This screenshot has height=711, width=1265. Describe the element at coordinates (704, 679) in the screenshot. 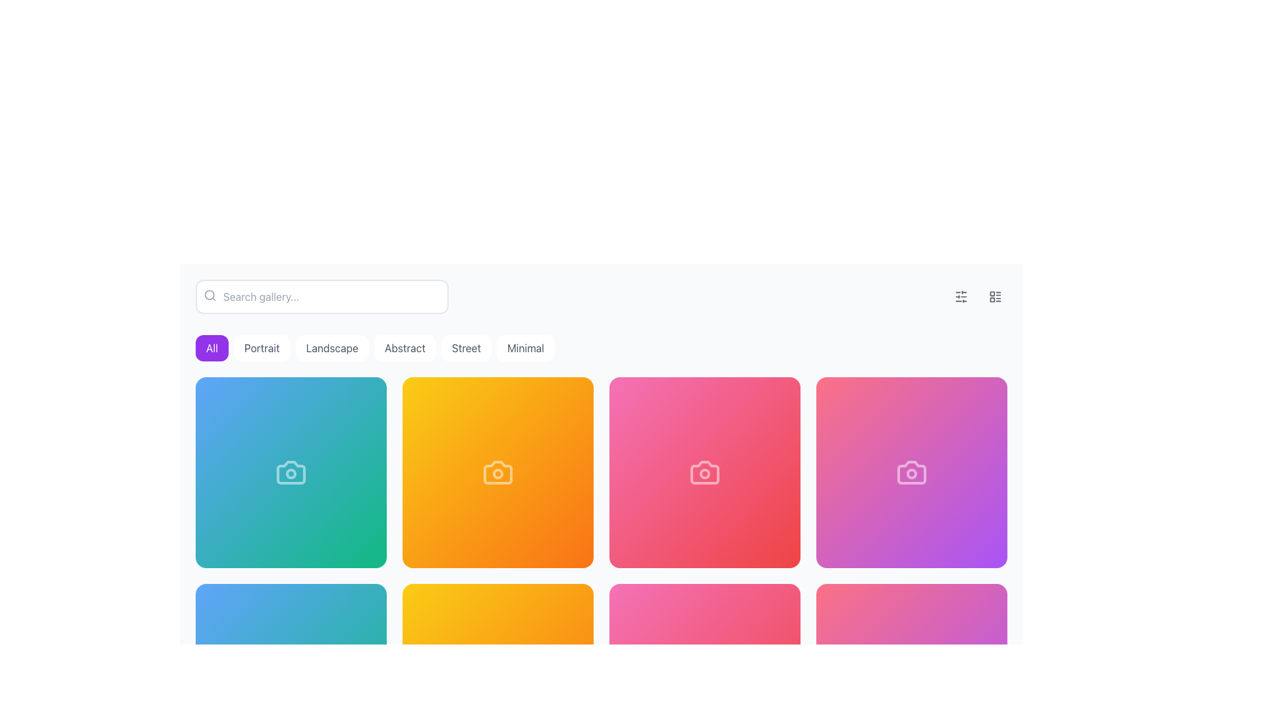

I see `the downward-pointing arrow button located at the center-bottom of the interface` at that location.